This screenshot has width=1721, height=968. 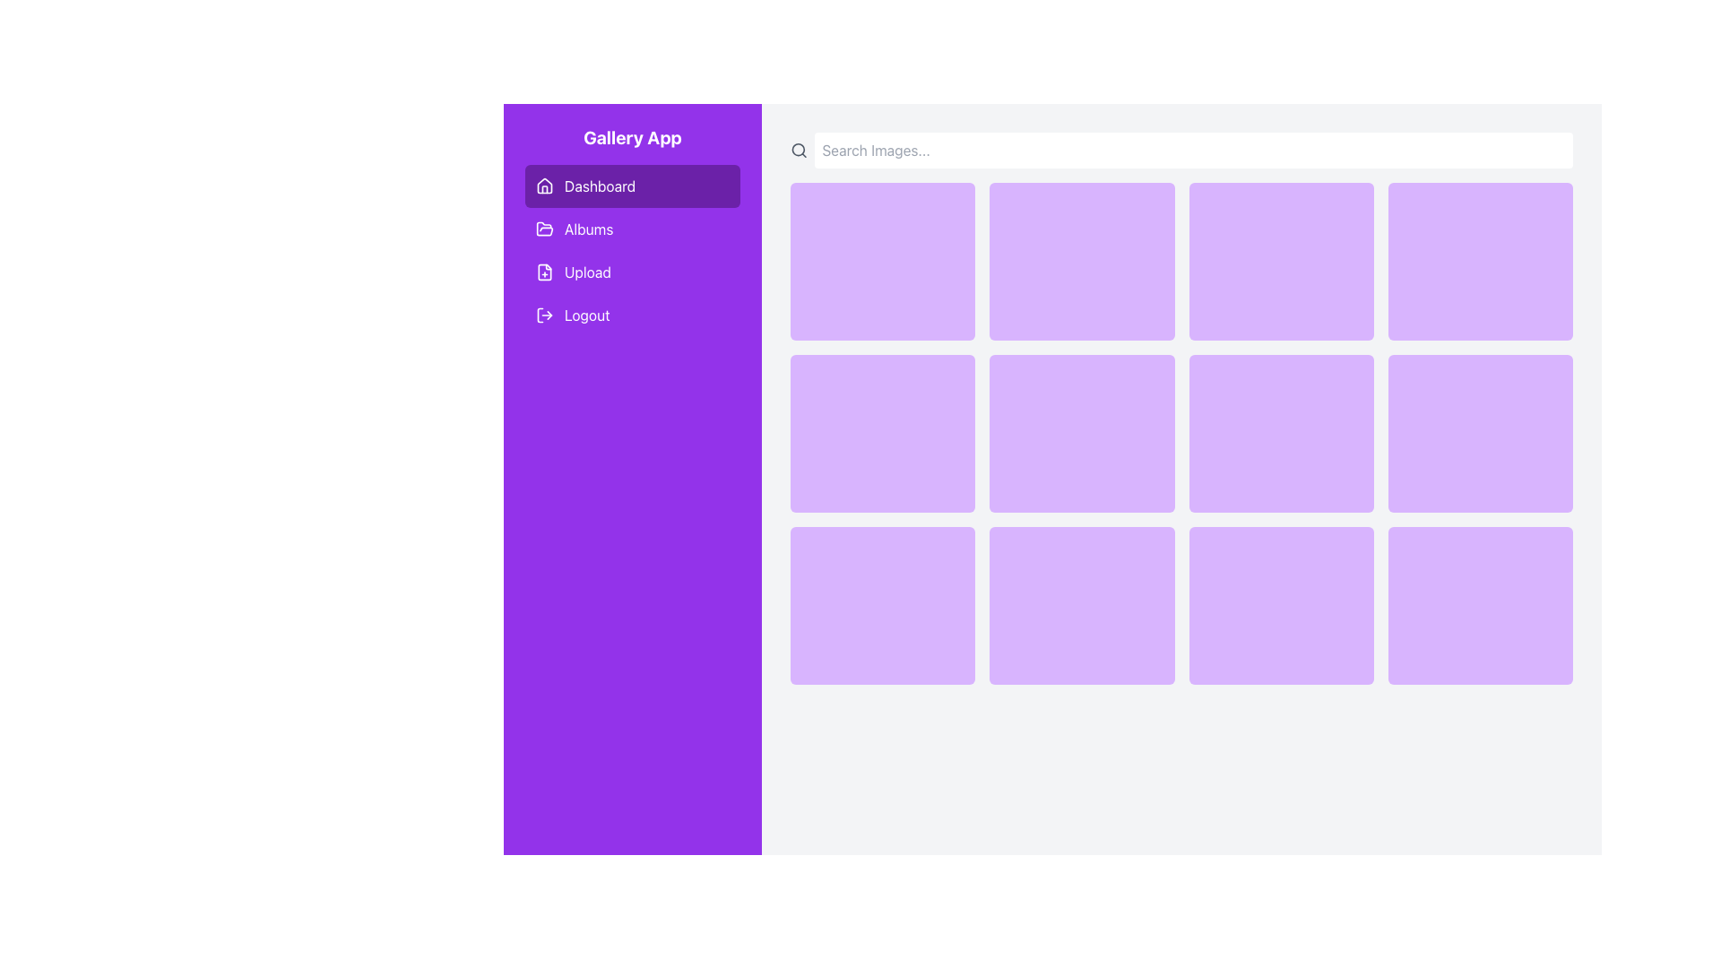 What do you see at coordinates (586, 314) in the screenshot?
I see `the 'Logout' text element in the left sidebar menu, which is styled in white on a purple background and is positioned near the bottom of the sidebar` at bounding box center [586, 314].